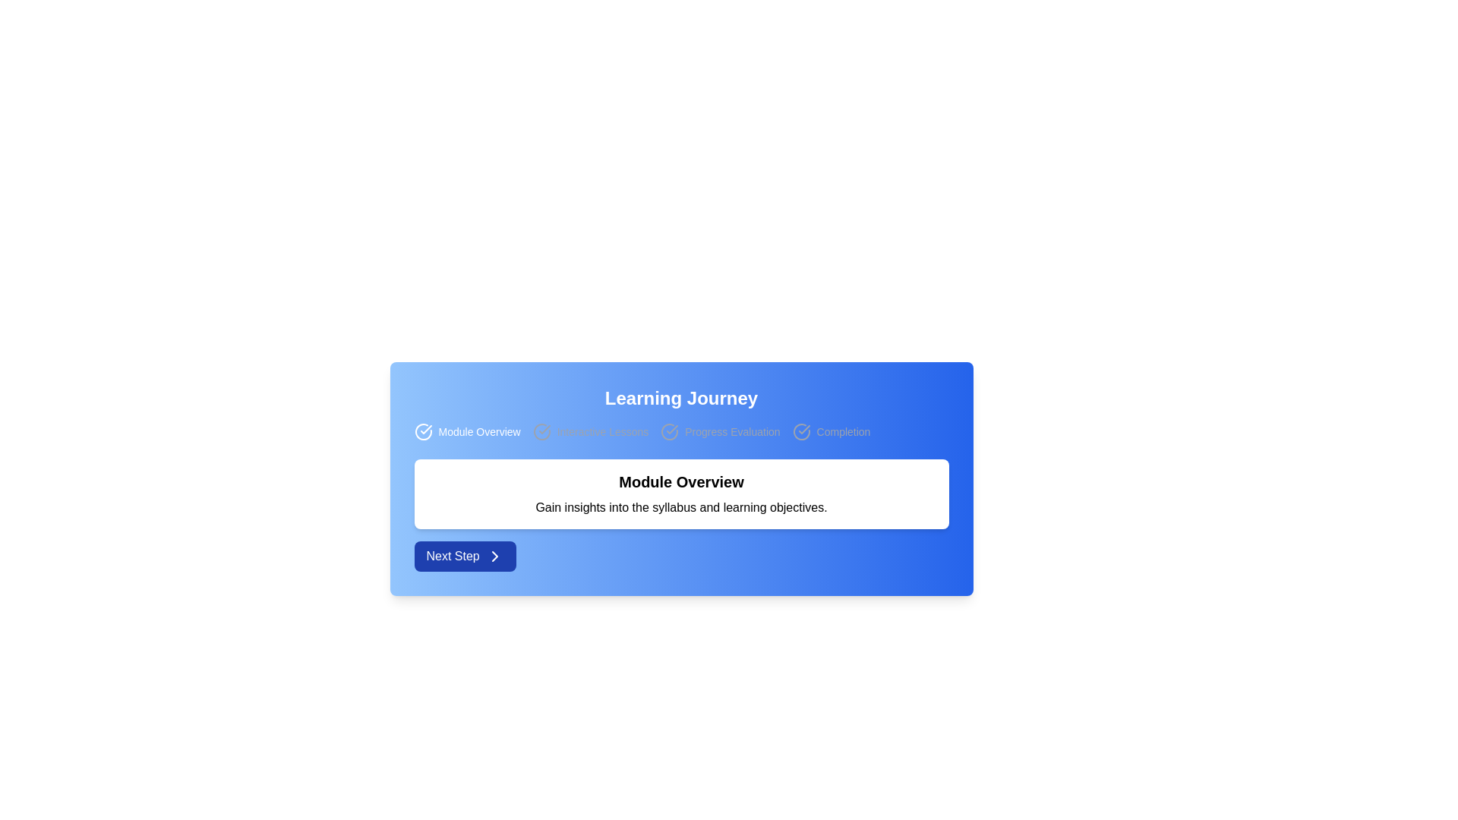 The image size is (1458, 820). What do you see at coordinates (669, 432) in the screenshot?
I see `the checkmark icon within a circle, which is part of the progression display between 'Interactive Lessons' and 'Completion', indicating 'Progress Evaluation'` at bounding box center [669, 432].